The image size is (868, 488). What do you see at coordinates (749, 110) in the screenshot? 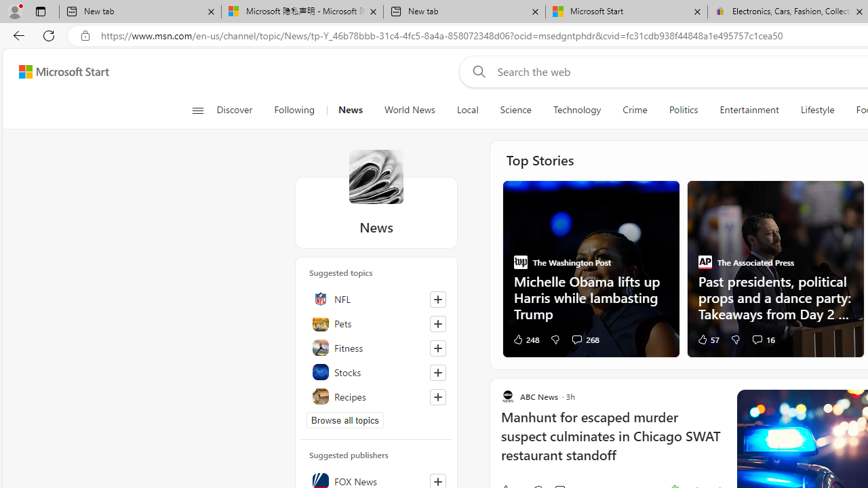
I see `'Entertainment'` at bounding box center [749, 110].